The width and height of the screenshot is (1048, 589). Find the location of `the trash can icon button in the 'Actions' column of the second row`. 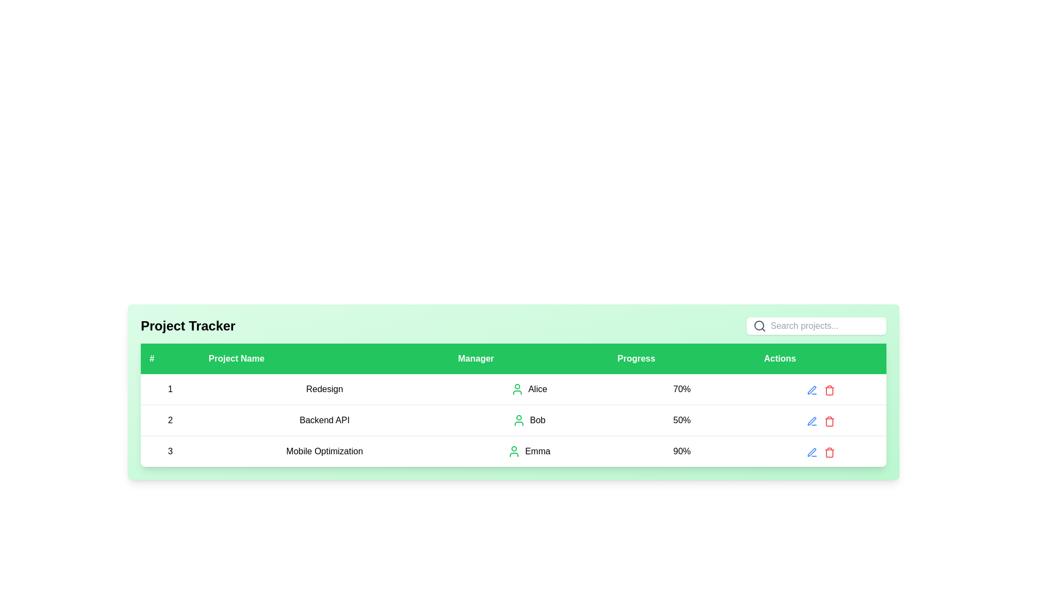

the trash can icon button in the 'Actions' column of the second row is located at coordinates (829, 422).